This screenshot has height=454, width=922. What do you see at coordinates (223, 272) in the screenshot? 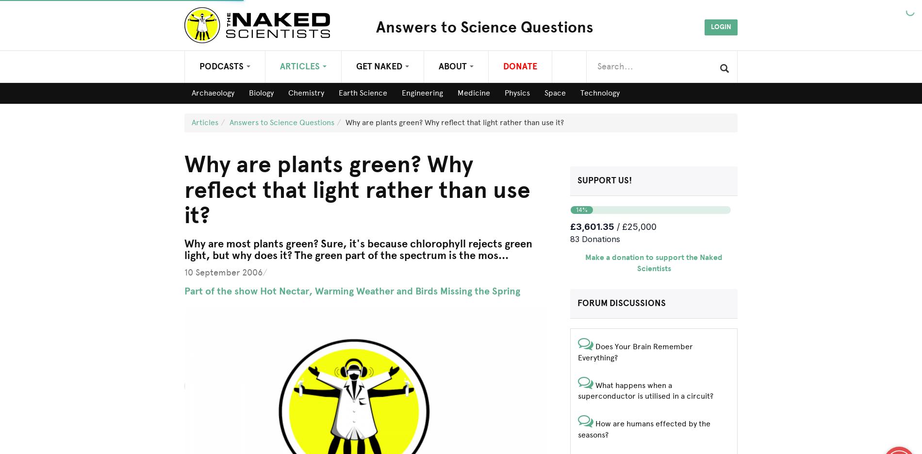
I see `'10 September 2006'` at bounding box center [223, 272].